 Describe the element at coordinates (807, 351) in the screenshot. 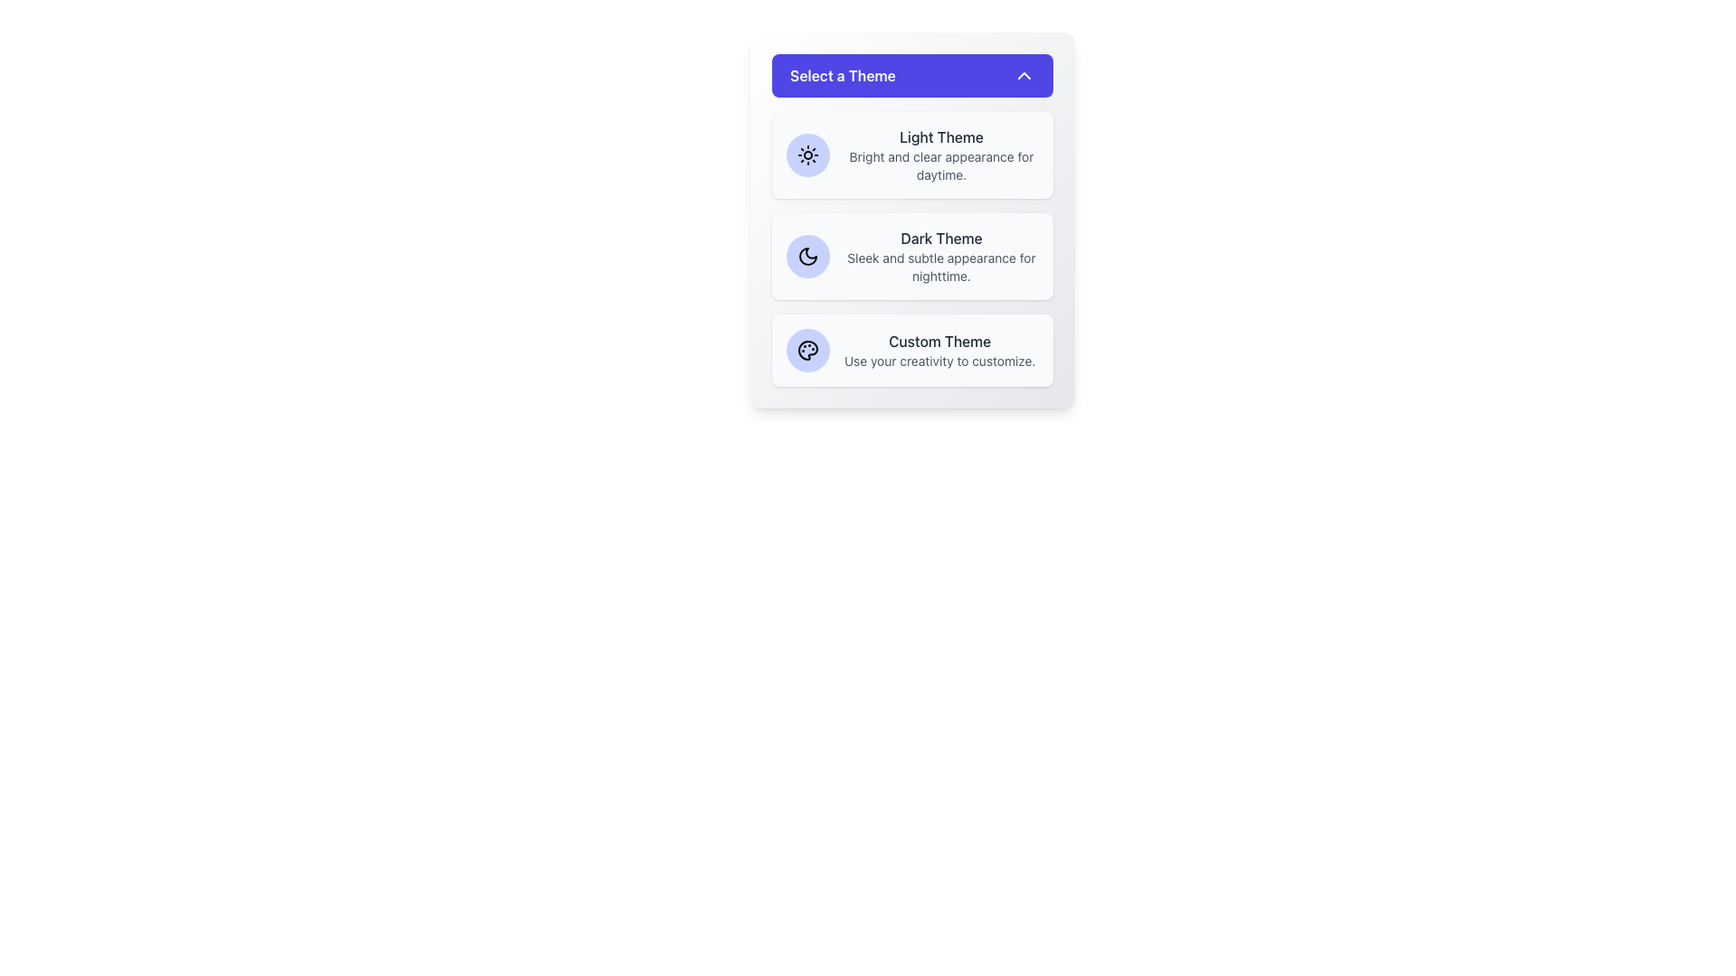

I see `the button containing the decorative palette icon representing the 'Custom Theme' option` at that location.